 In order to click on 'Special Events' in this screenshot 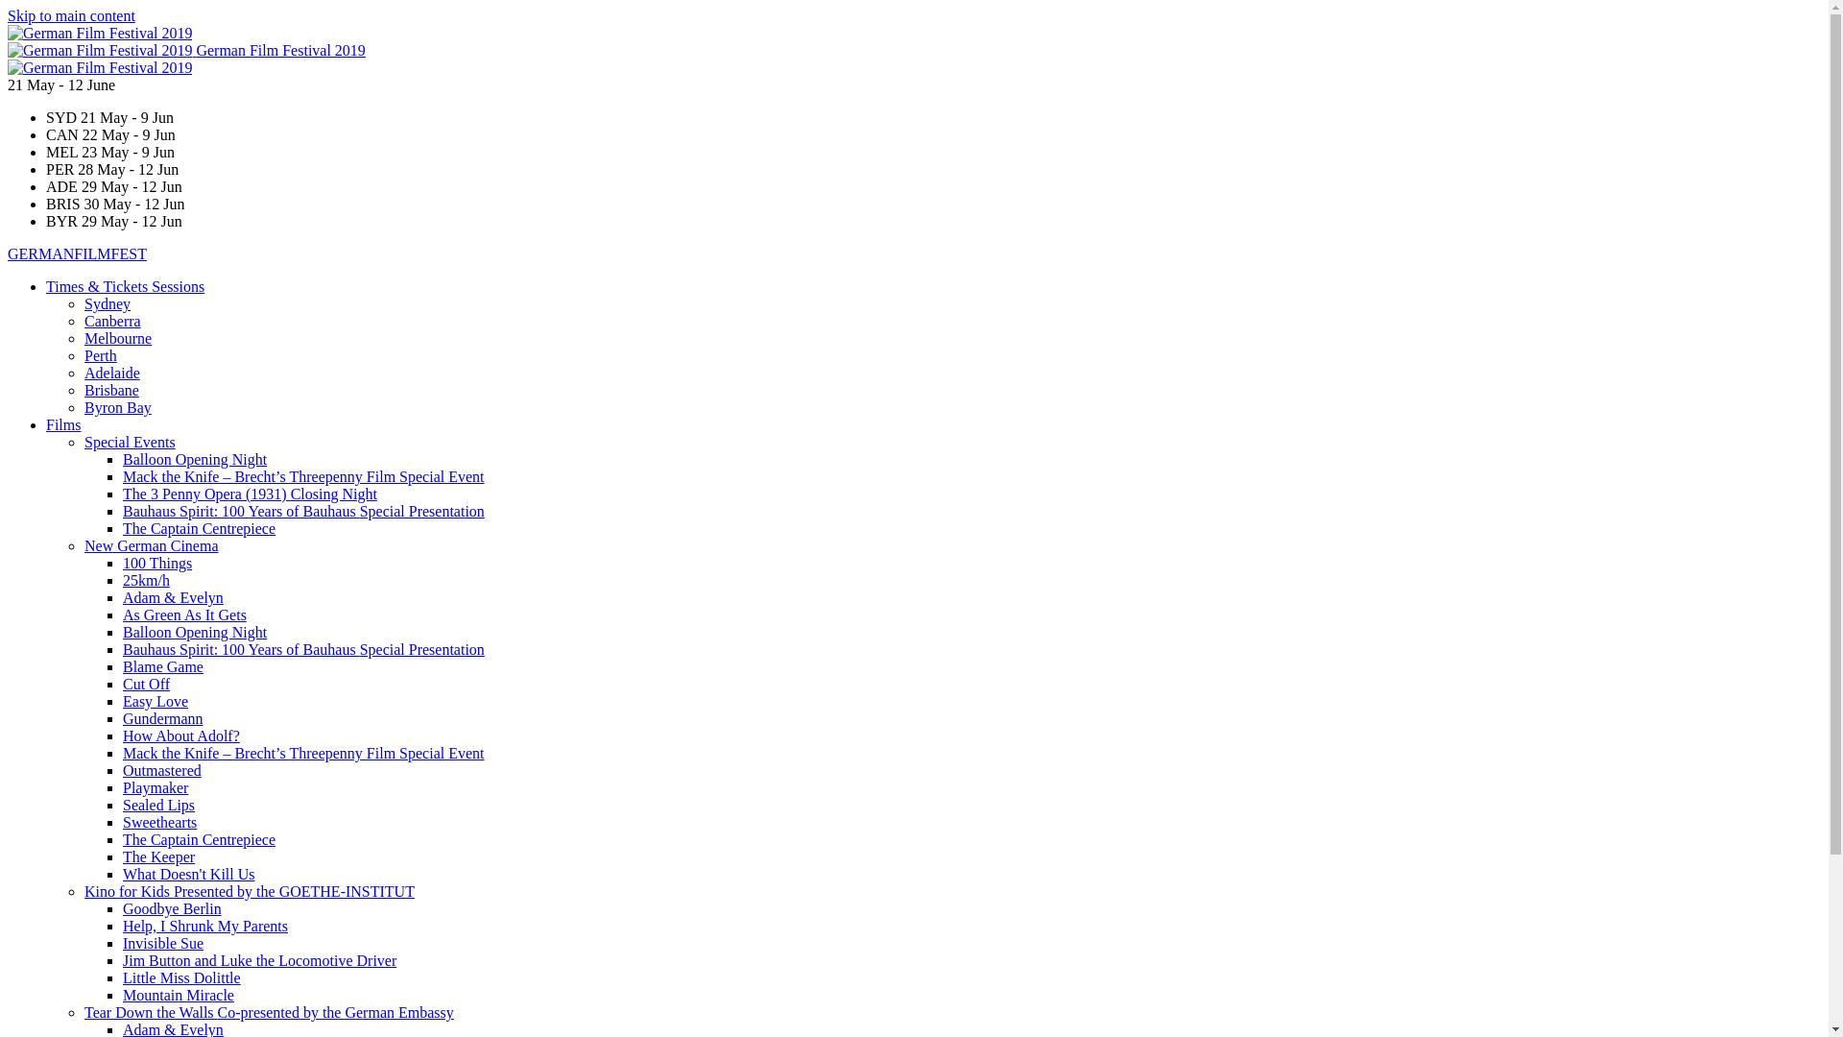, I will do `click(83, 442)`.